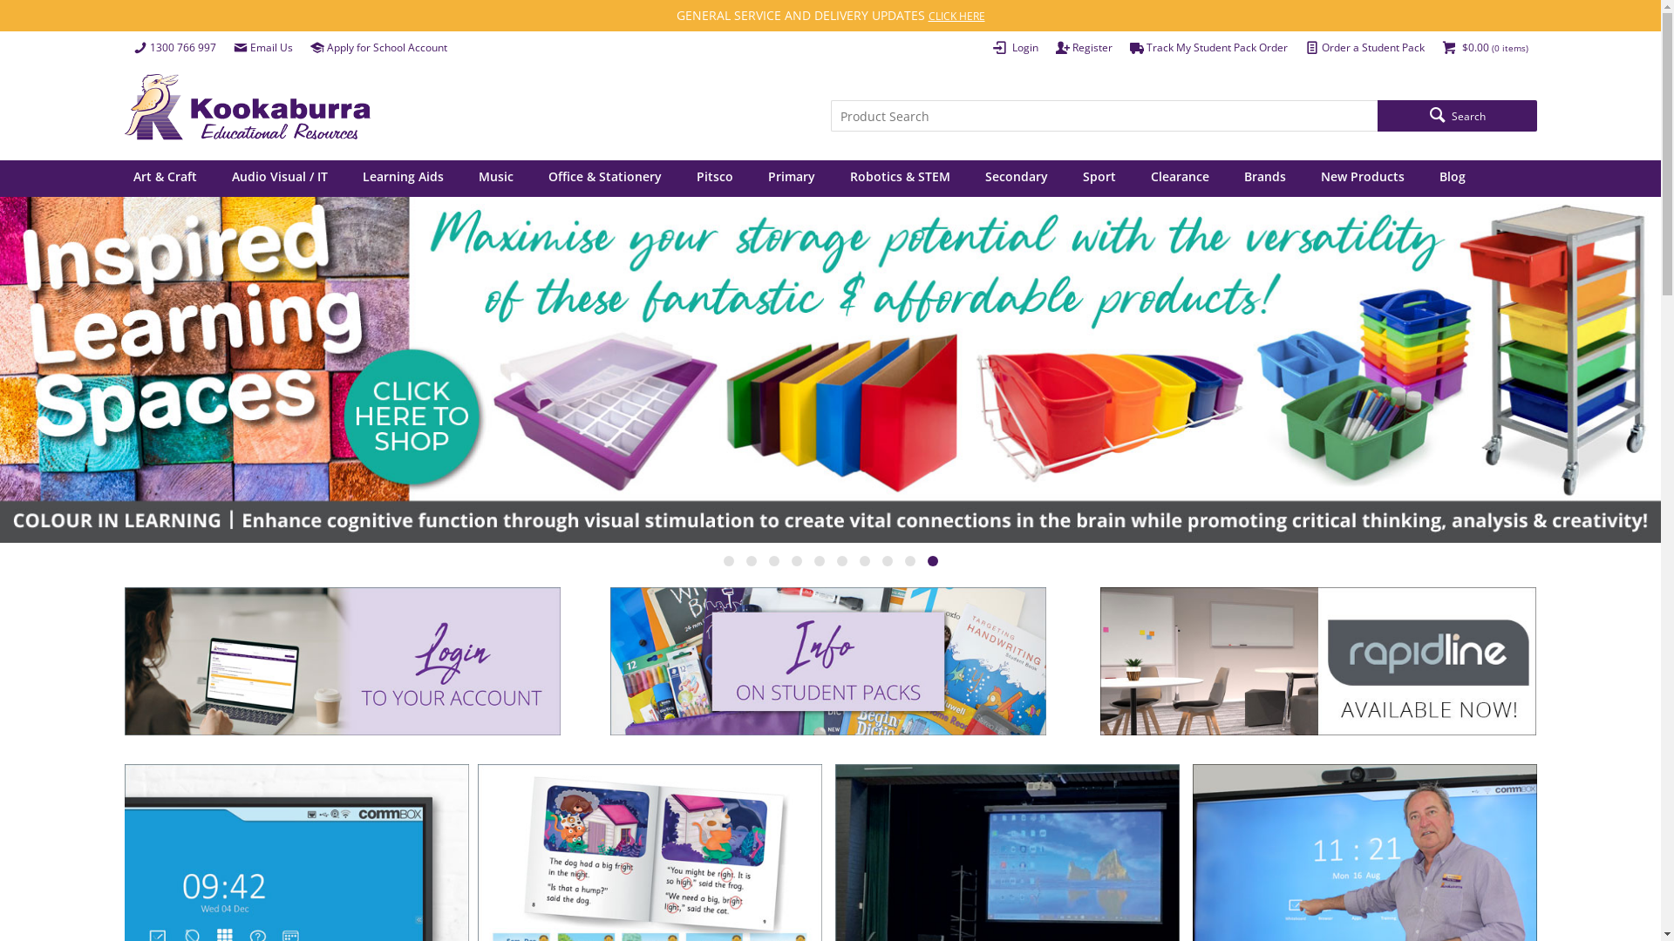  What do you see at coordinates (378, 46) in the screenshot?
I see `'Apply for School Account'` at bounding box center [378, 46].